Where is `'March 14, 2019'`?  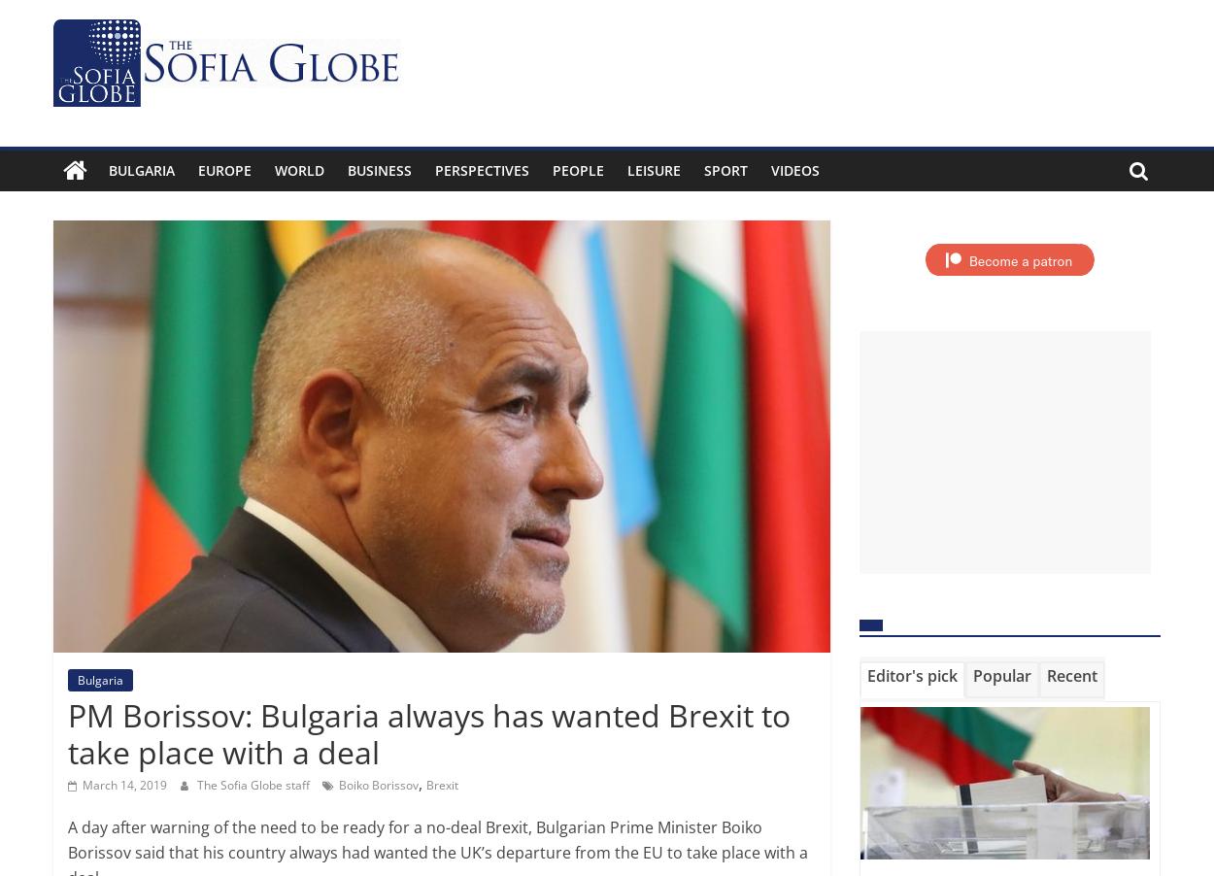 'March 14, 2019' is located at coordinates (124, 783).